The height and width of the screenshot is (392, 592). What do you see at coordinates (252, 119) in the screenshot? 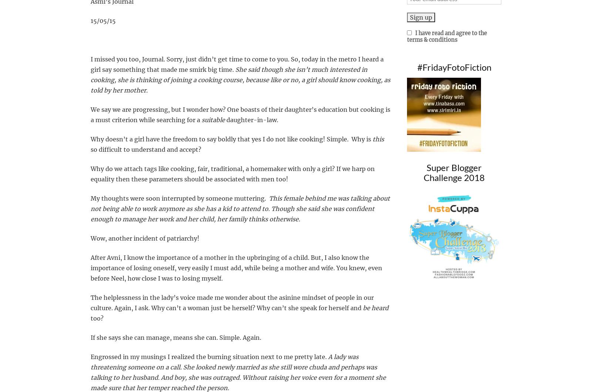
I see `'daughter-in-law.'` at bounding box center [252, 119].